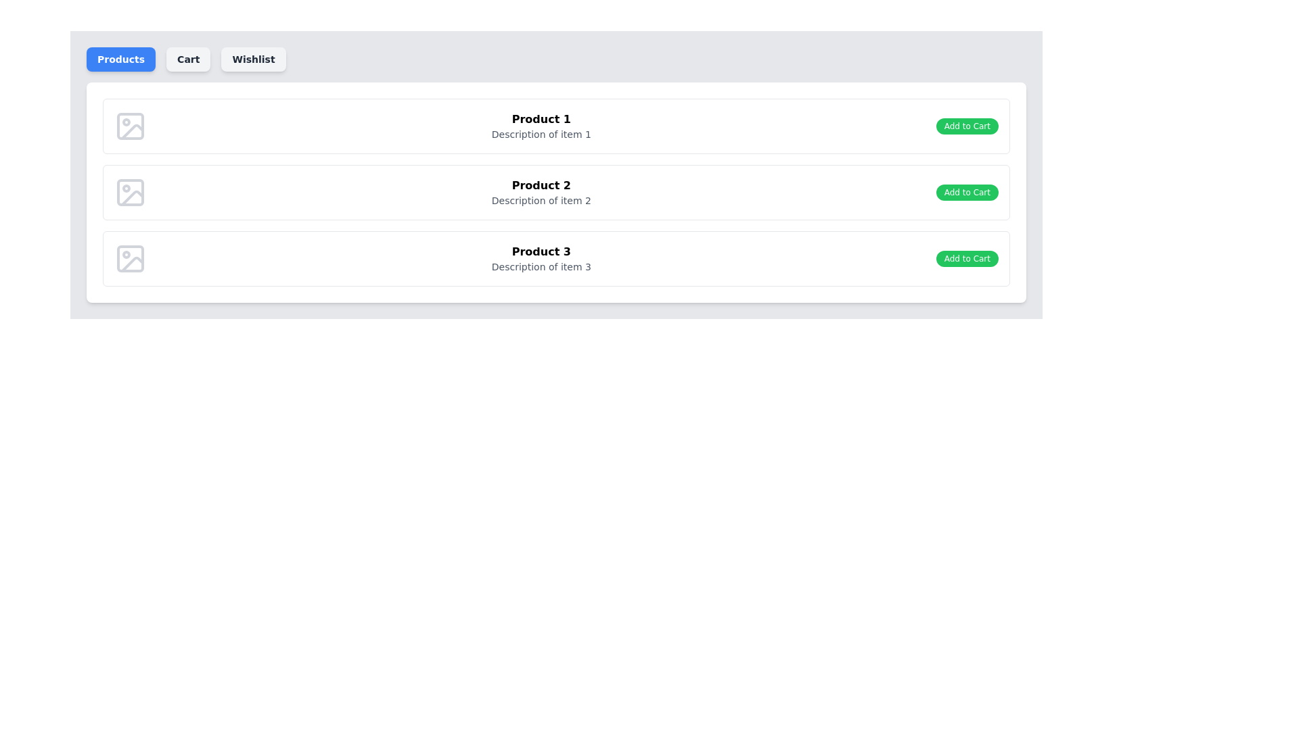 Image resolution: width=1299 pixels, height=730 pixels. I want to click on the green oval-shaped 'Add to Cart' button, so click(966, 126).